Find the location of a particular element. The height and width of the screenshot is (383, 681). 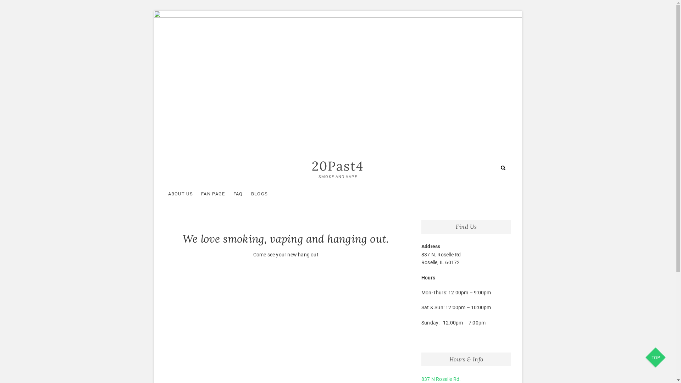

'TOP' is located at coordinates (655, 358).